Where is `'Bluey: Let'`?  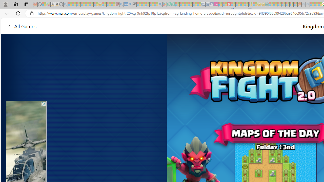 'Bluey: Let' is located at coordinates (165, 4).